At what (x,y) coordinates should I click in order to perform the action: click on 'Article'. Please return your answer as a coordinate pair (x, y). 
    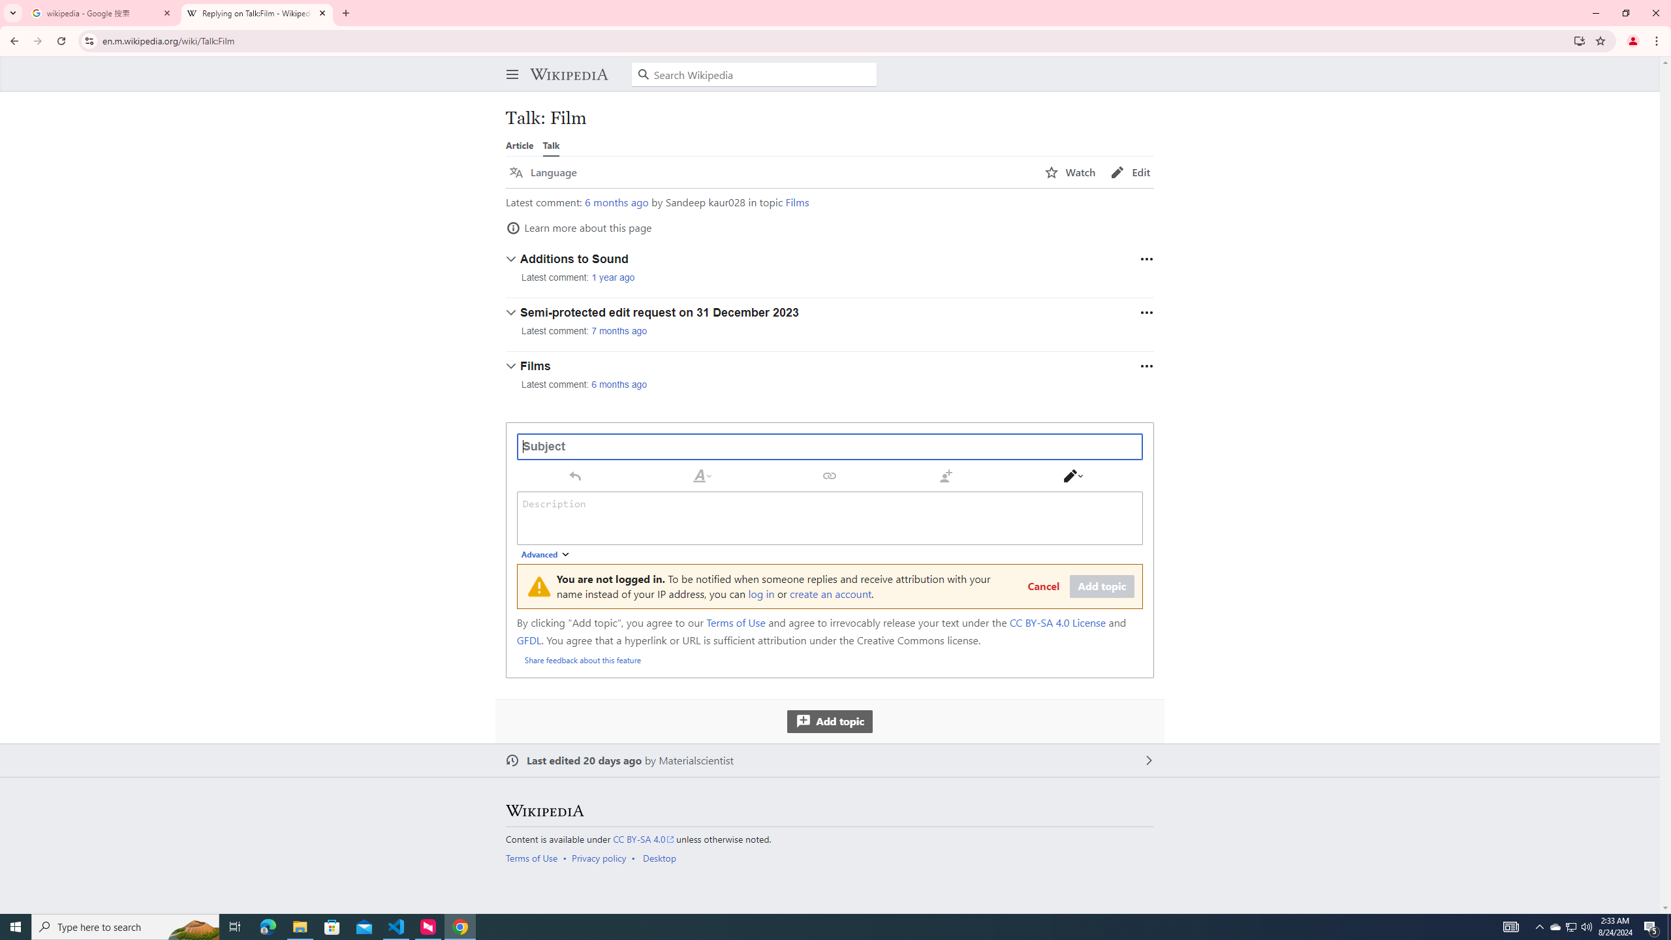
    Looking at the image, I should click on (519, 145).